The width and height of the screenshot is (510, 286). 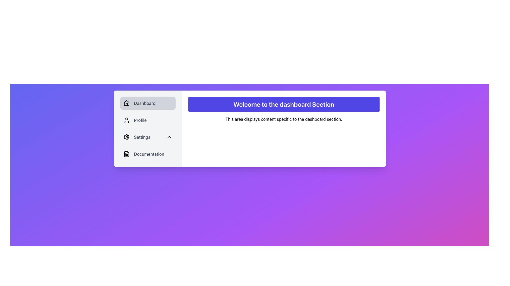 I want to click on text displayed in the 'Dashboard' navigation label, which is the first element in the vertical list of navigation options on the left side of the interface, so click(x=145, y=103).